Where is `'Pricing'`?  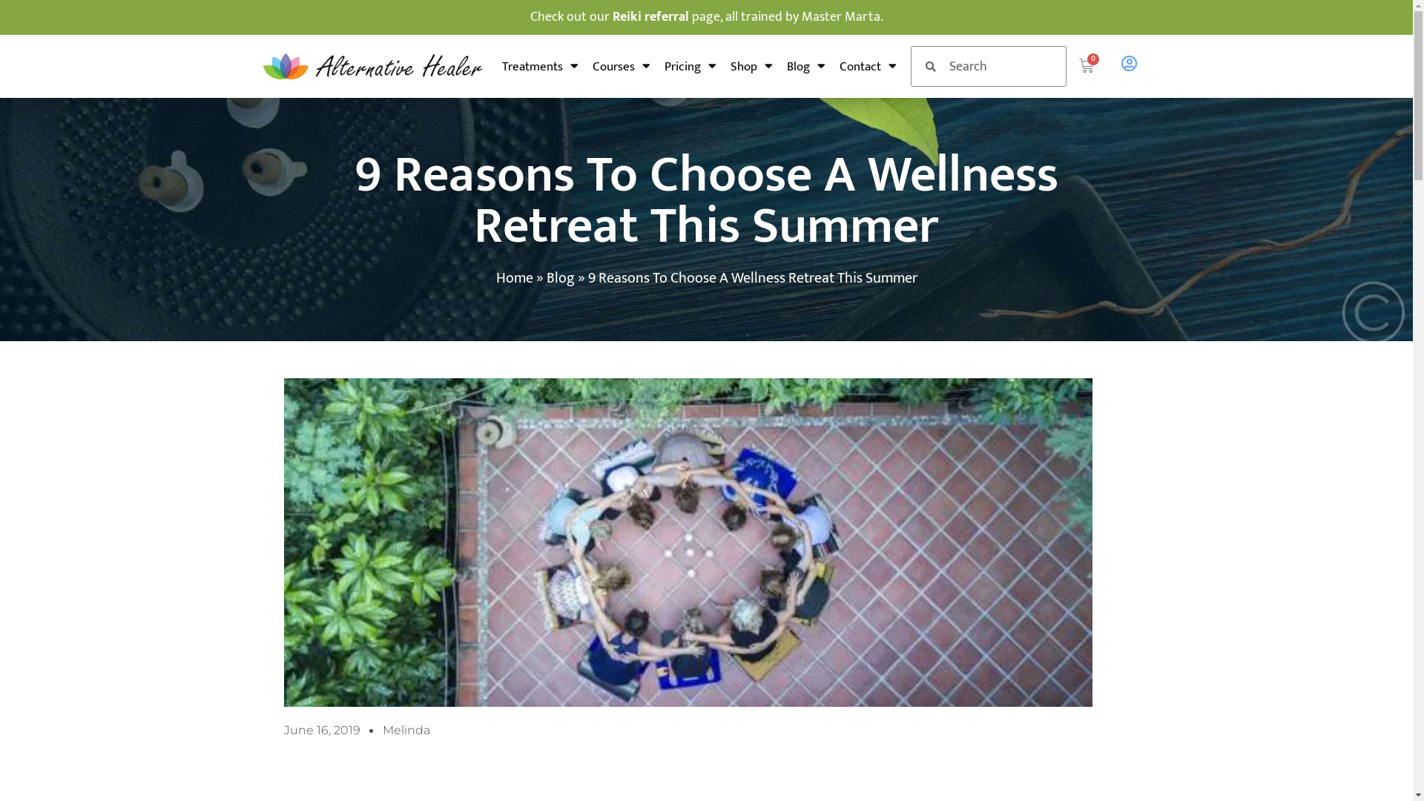 'Pricing' is located at coordinates (690, 65).